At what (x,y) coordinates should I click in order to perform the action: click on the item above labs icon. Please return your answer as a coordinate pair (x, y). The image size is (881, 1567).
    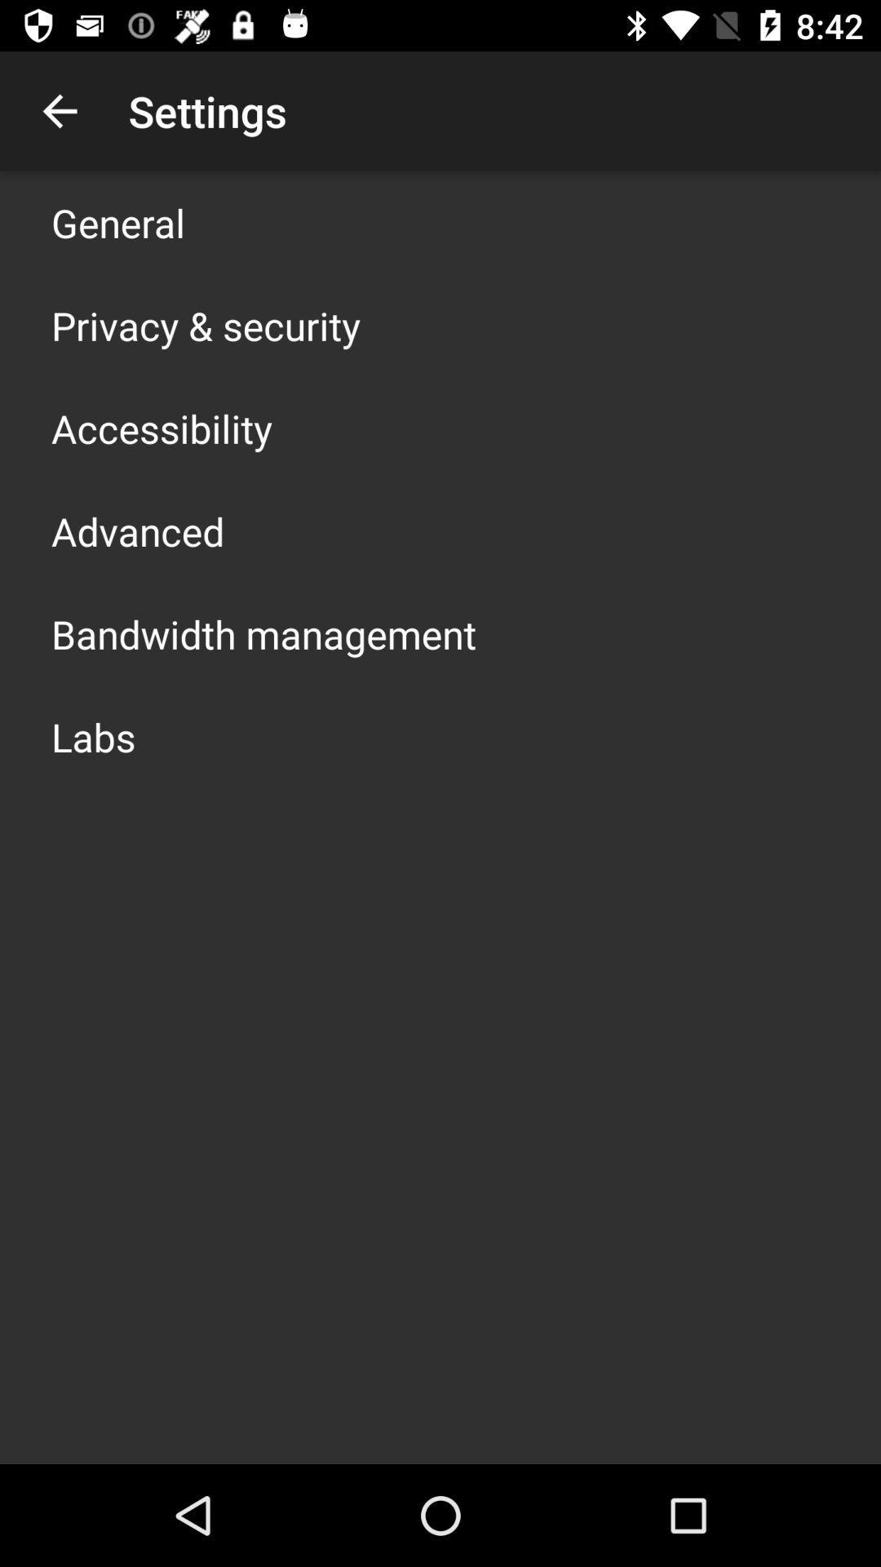
    Looking at the image, I should click on (263, 633).